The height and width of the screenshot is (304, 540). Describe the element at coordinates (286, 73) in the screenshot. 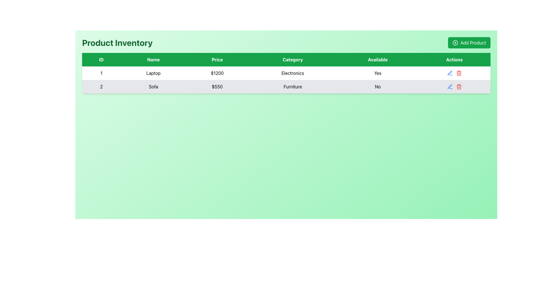

I see `the first data row` at that location.